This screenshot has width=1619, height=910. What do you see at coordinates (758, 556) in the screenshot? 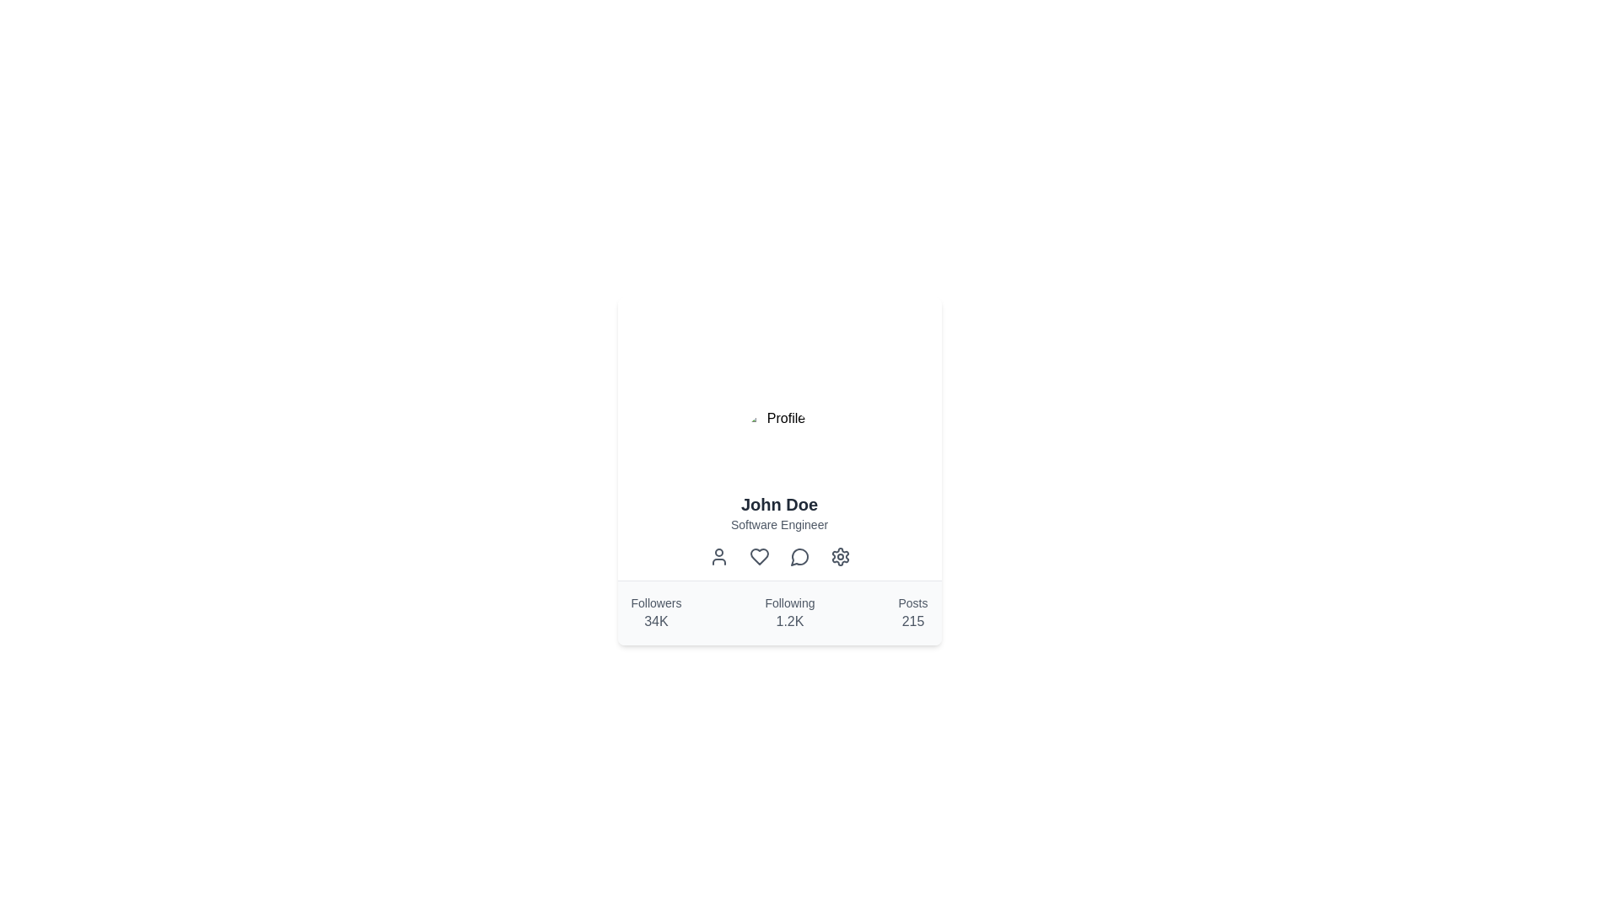
I see `the 'like' or 'favorite' icon, which is the second icon from the left in a horizontal series of icons at the bottom section of the interface` at bounding box center [758, 556].